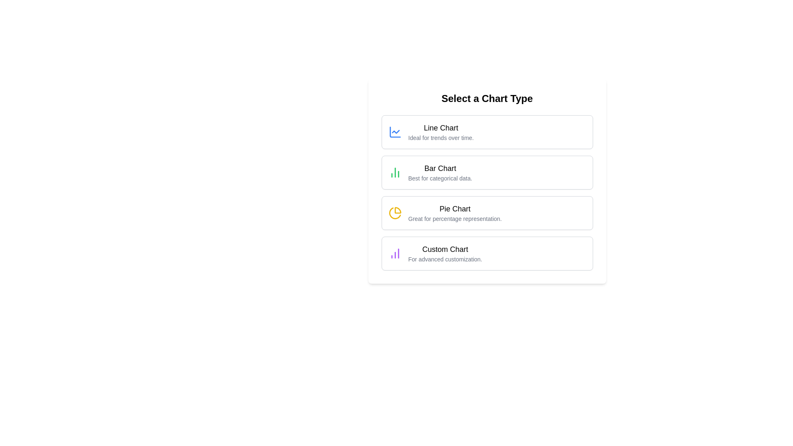 This screenshot has height=446, width=793. What do you see at coordinates (487, 172) in the screenshot?
I see `the second card in the vertical list of selectable chart type options` at bounding box center [487, 172].